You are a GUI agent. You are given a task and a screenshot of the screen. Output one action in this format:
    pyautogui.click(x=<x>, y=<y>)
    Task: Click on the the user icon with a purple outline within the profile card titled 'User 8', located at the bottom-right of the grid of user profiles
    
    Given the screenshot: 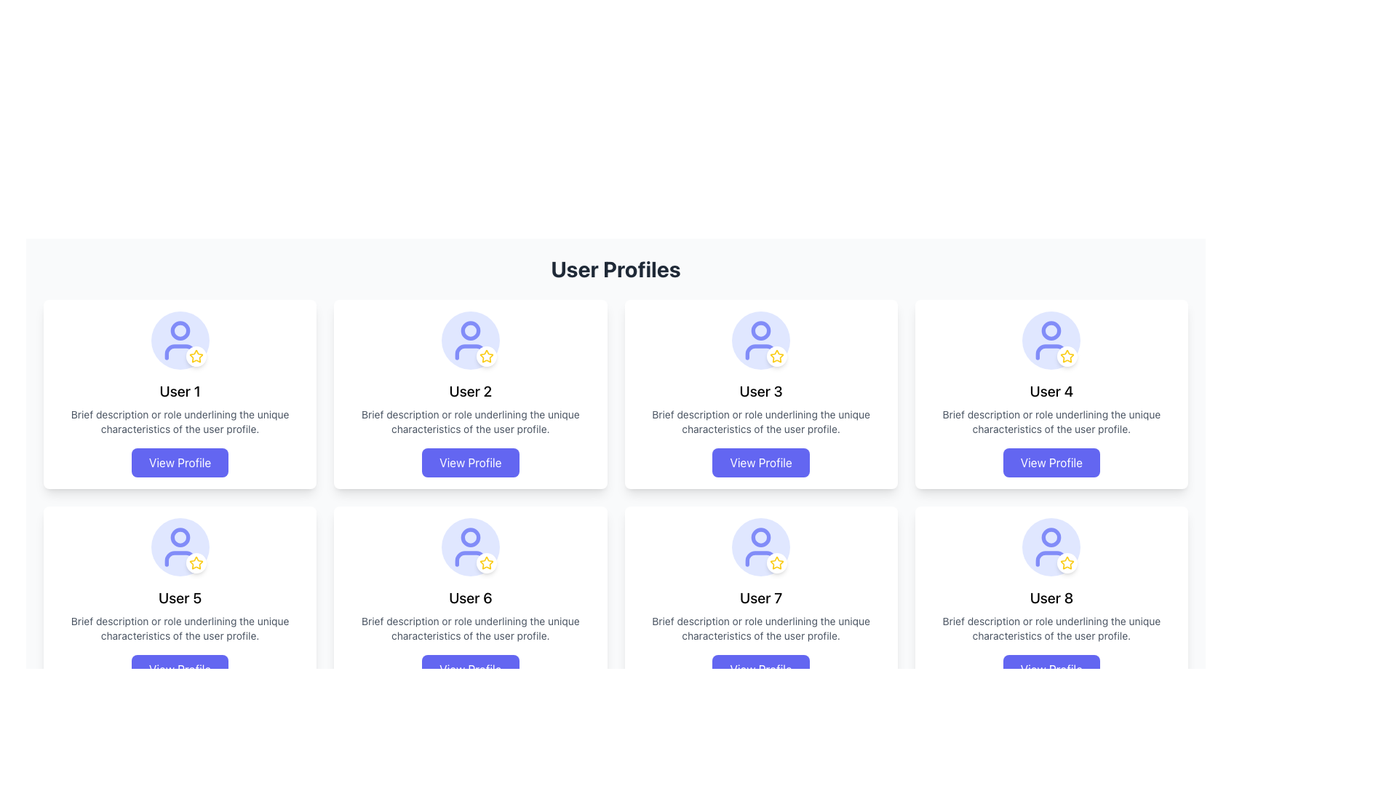 What is the action you would take?
    pyautogui.click(x=1051, y=547)
    